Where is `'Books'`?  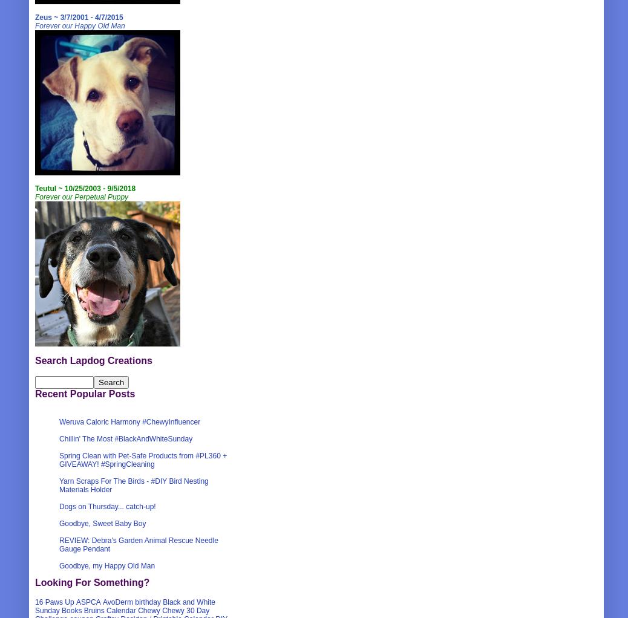
'Books' is located at coordinates (61, 611).